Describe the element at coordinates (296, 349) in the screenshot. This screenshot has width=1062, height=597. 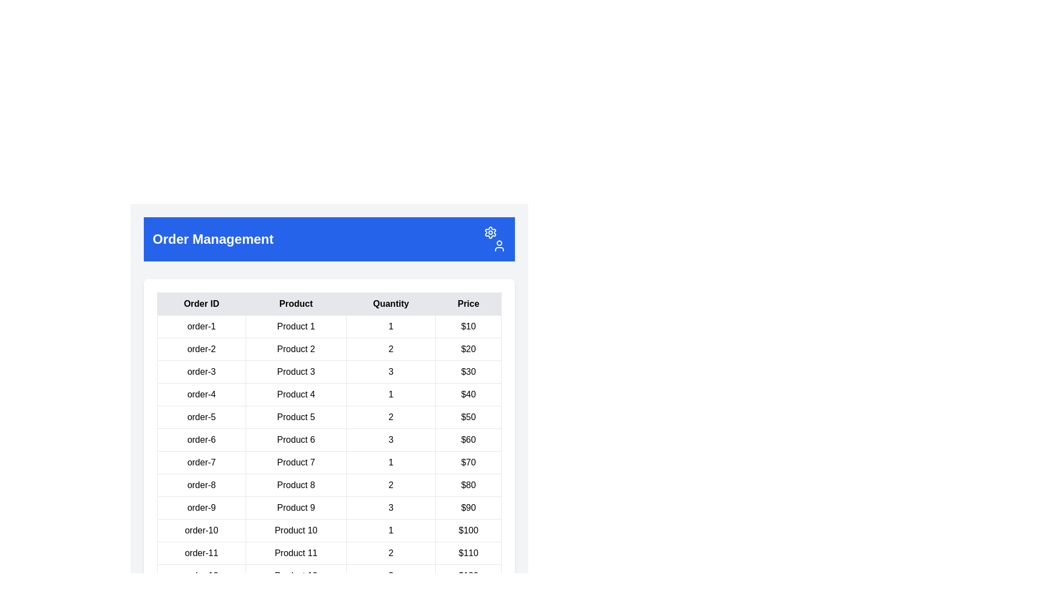
I see `the static text element representing the product name located in the second column of the second row of the data table, adjacent to 'order-2' on the left and '2' on the right` at that location.